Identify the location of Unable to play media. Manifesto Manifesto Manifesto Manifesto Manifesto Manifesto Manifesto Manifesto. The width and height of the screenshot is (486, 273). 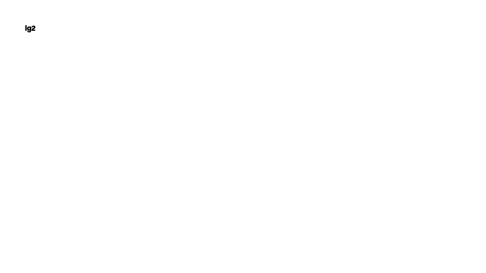
(48, 238).